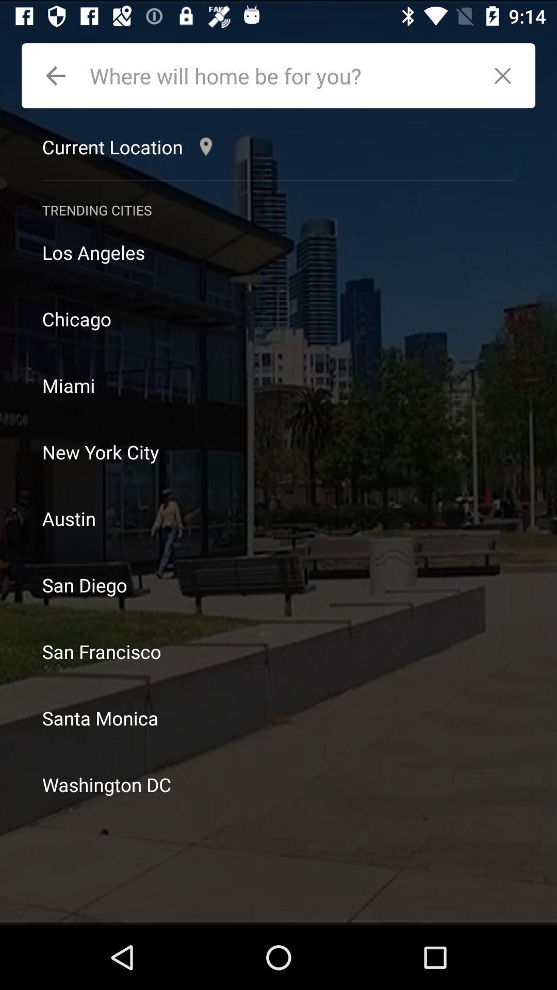 This screenshot has height=990, width=557. Describe the element at coordinates (278, 318) in the screenshot. I see `chicago icon` at that location.